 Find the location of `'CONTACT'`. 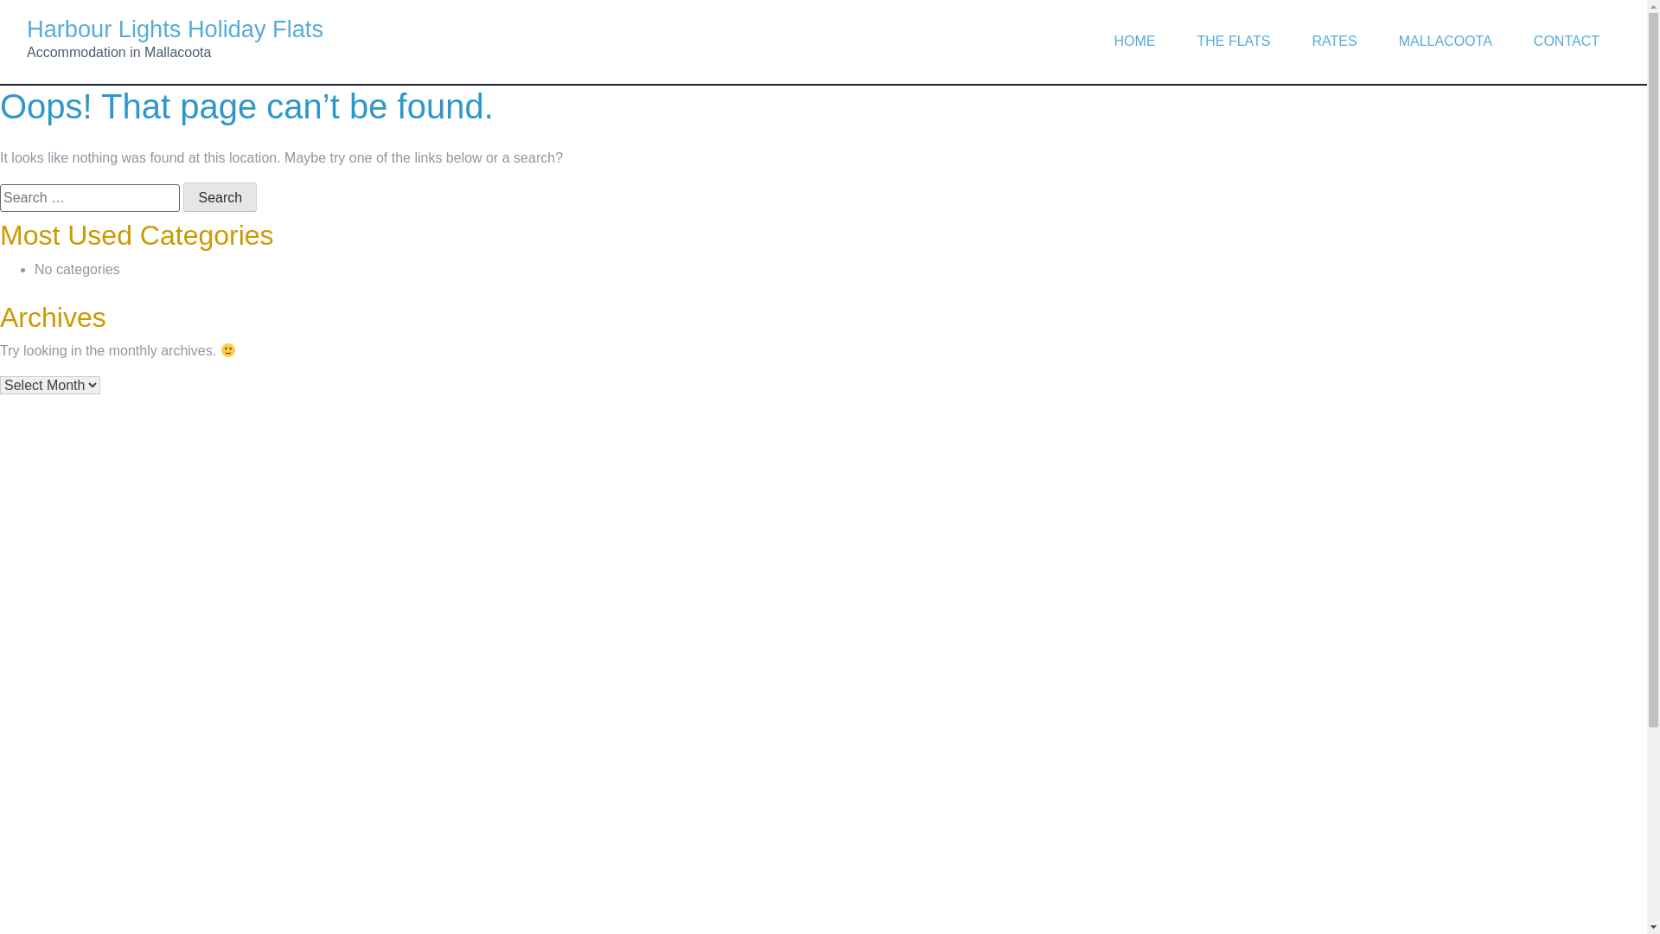

'CONTACT' is located at coordinates (1567, 40).